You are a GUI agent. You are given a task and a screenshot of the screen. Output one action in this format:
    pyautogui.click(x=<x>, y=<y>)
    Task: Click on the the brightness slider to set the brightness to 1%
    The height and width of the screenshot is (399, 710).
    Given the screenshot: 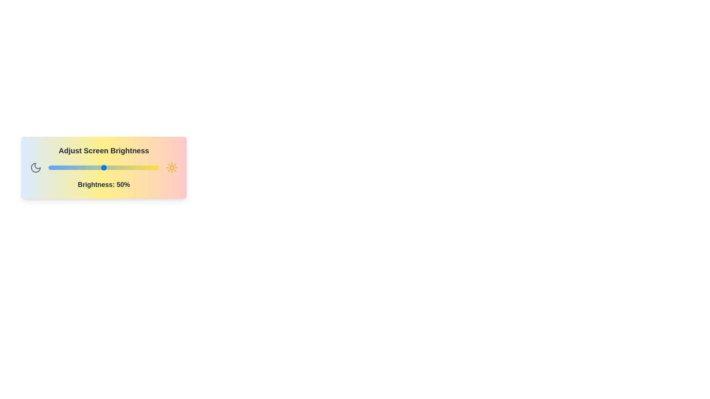 What is the action you would take?
    pyautogui.click(x=49, y=168)
    